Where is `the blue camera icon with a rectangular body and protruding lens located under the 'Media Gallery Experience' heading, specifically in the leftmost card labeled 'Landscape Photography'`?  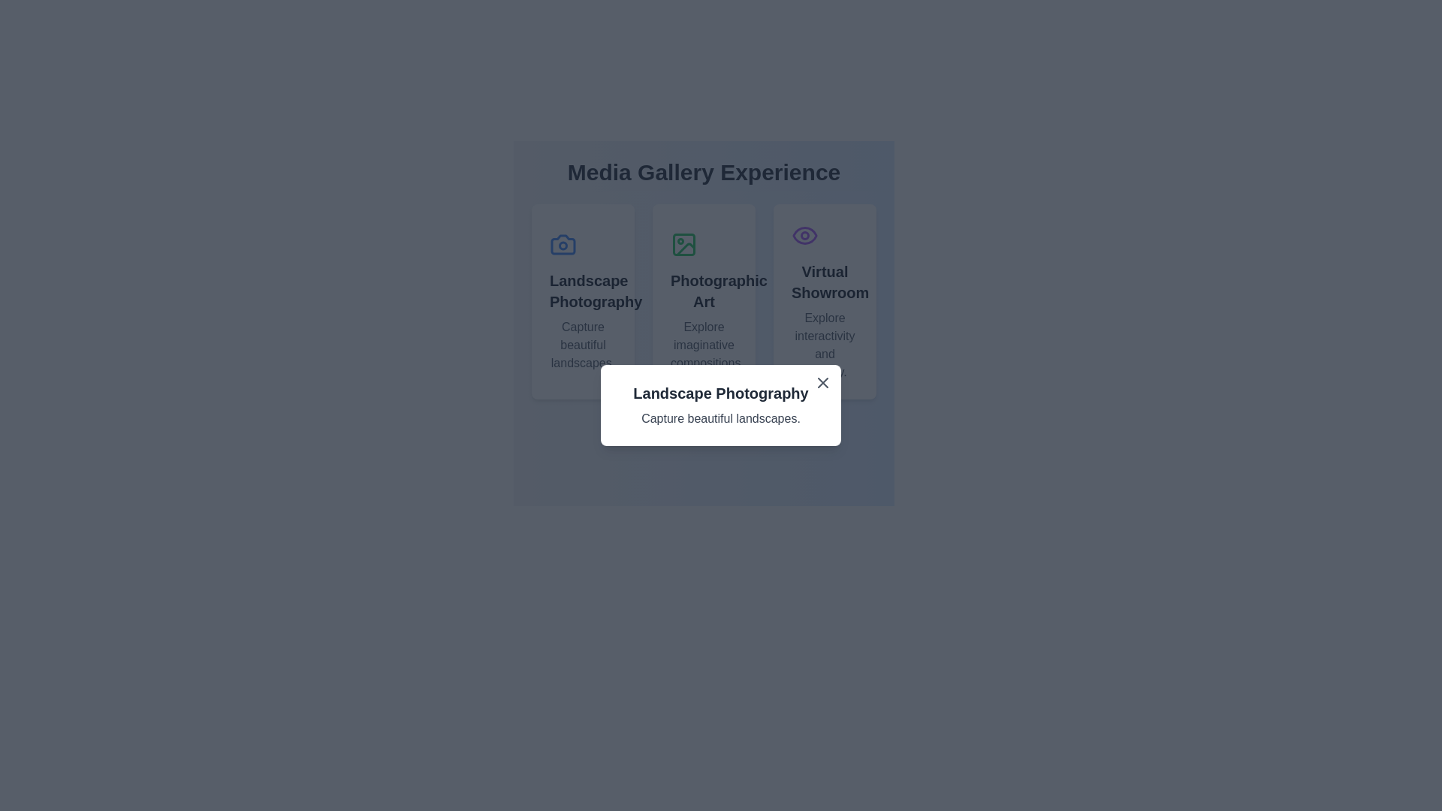 the blue camera icon with a rectangular body and protruding lens located under the 'Media Gallery Experience' heading, specifically in the leftmost card labeled 'Landscape Photography' is located at coordinates (562, 244).